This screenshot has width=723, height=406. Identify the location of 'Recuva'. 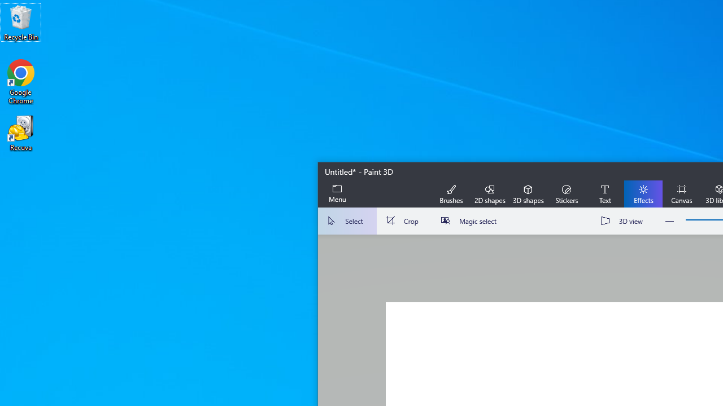
(21, 132).